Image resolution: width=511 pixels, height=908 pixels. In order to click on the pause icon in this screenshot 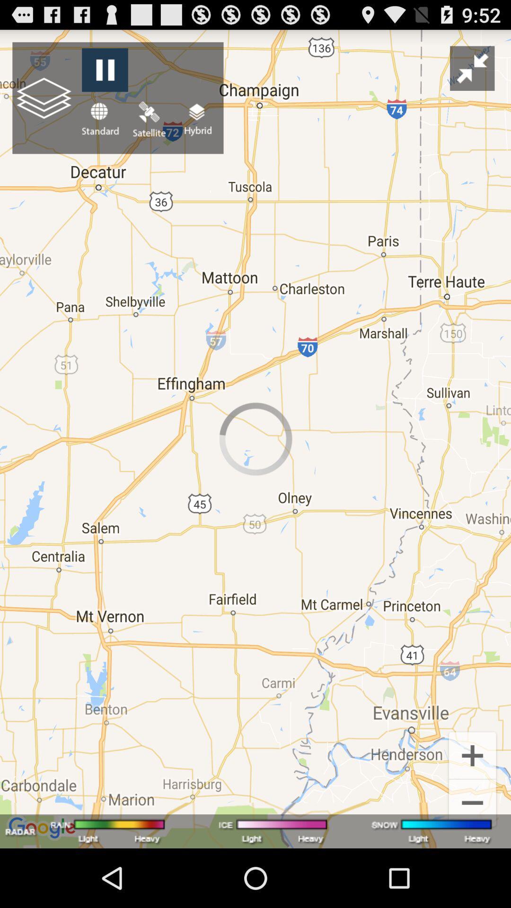, I will do `click(105, 74)`.